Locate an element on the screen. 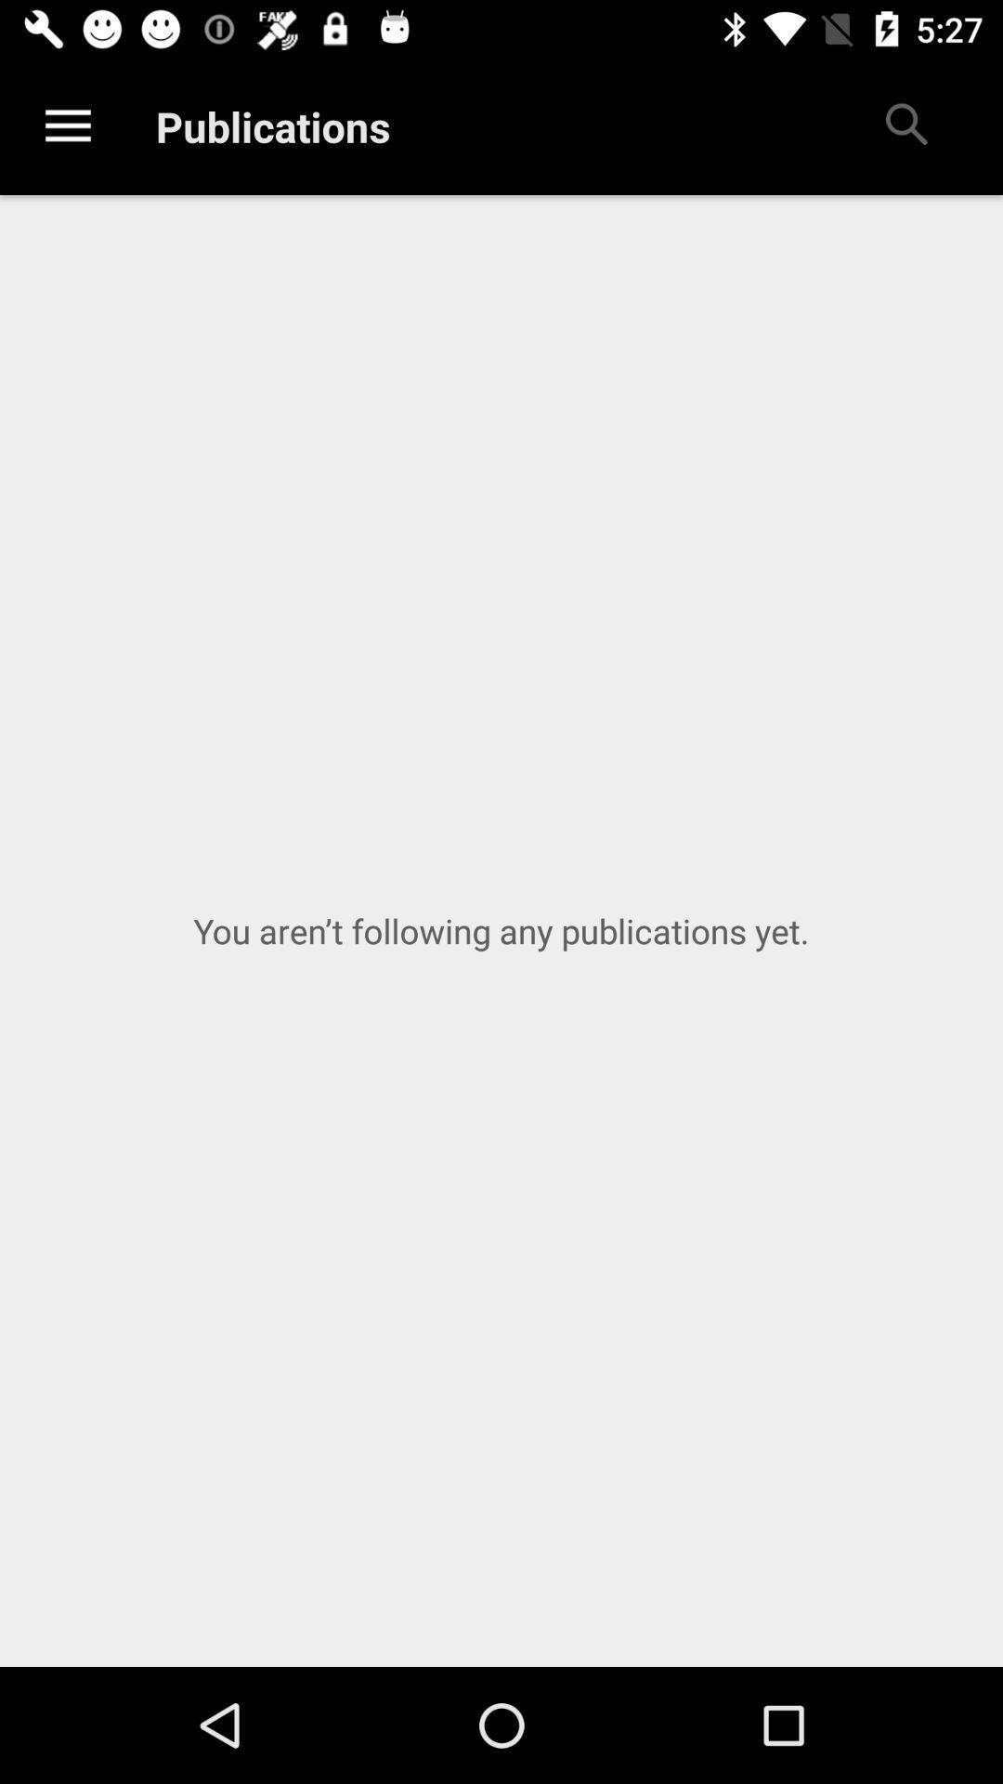  the item next to the publications is located at coordinates (905, 125).